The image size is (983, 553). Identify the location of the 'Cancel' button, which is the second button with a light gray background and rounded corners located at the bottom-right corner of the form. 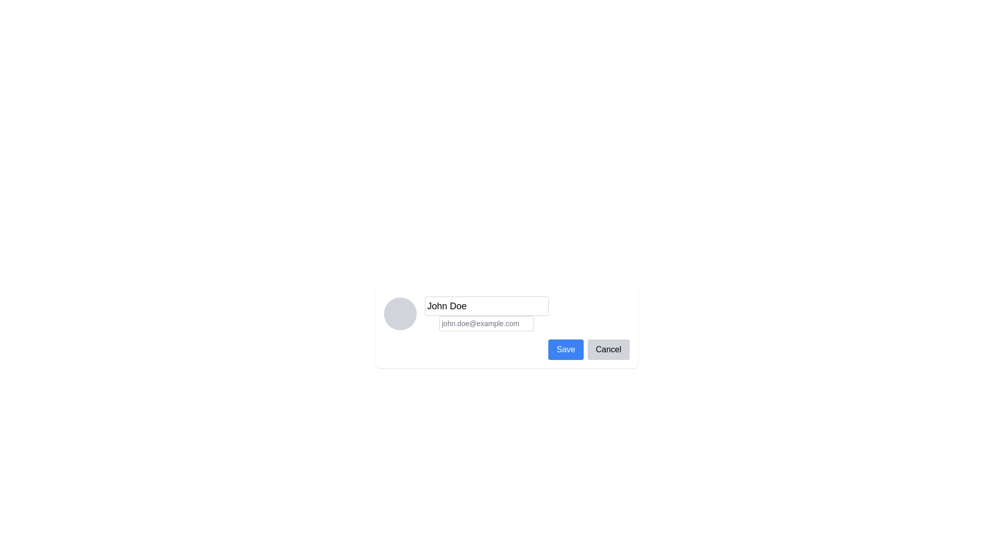
(608, 349).